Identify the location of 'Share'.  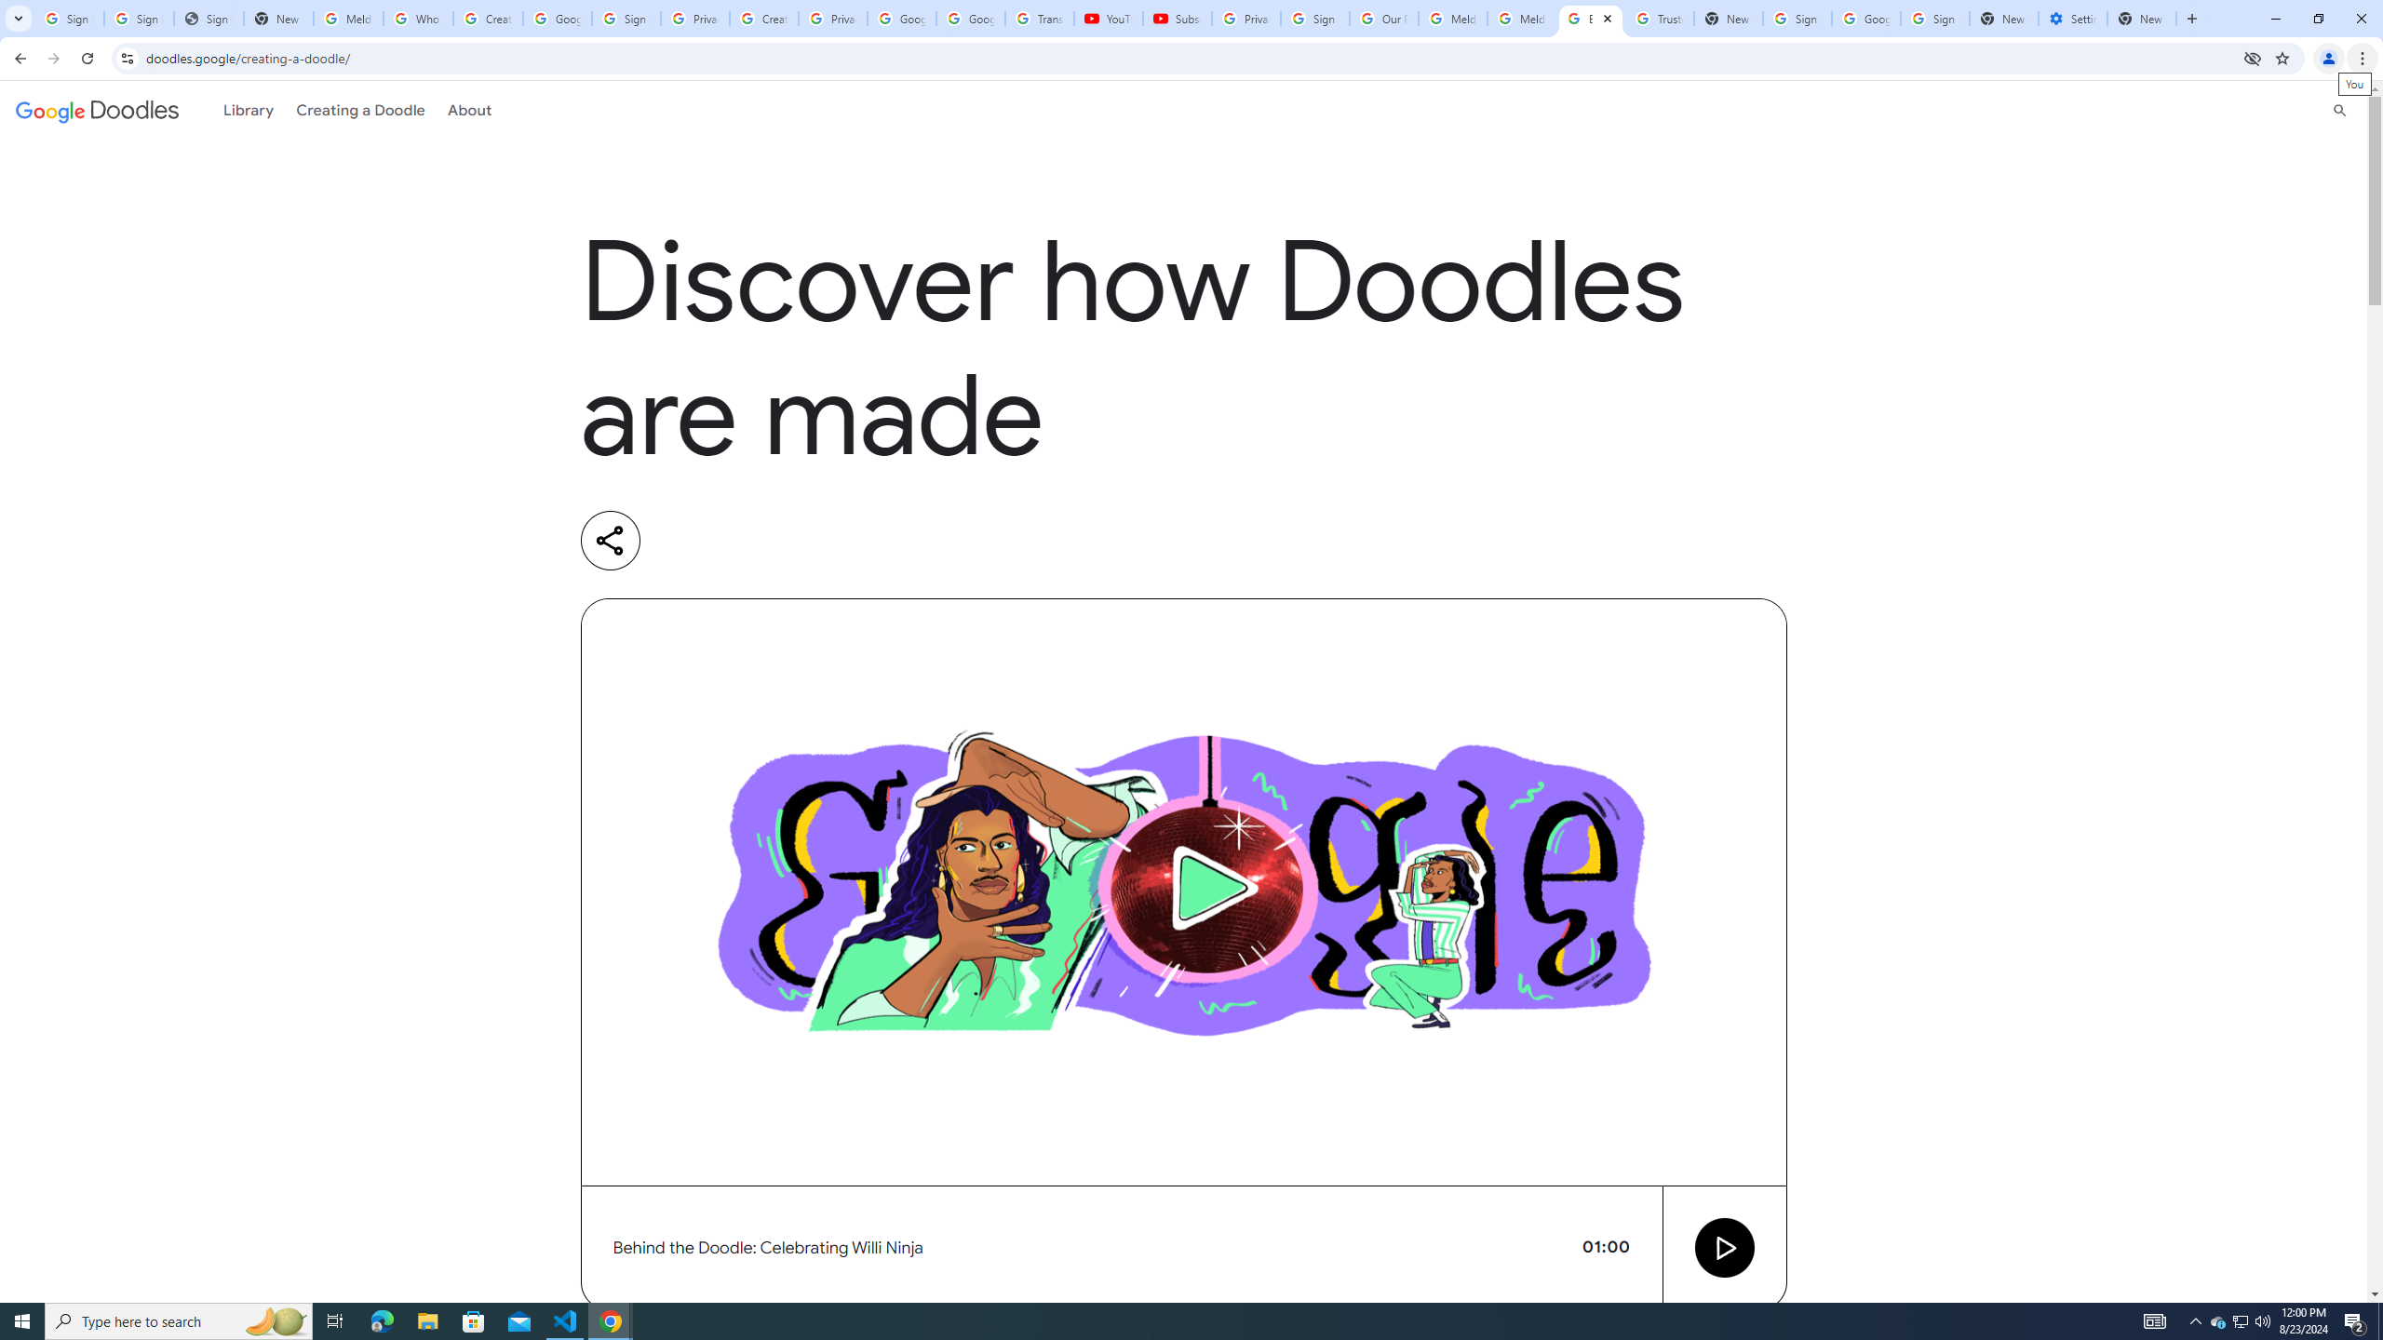
(610, 541).